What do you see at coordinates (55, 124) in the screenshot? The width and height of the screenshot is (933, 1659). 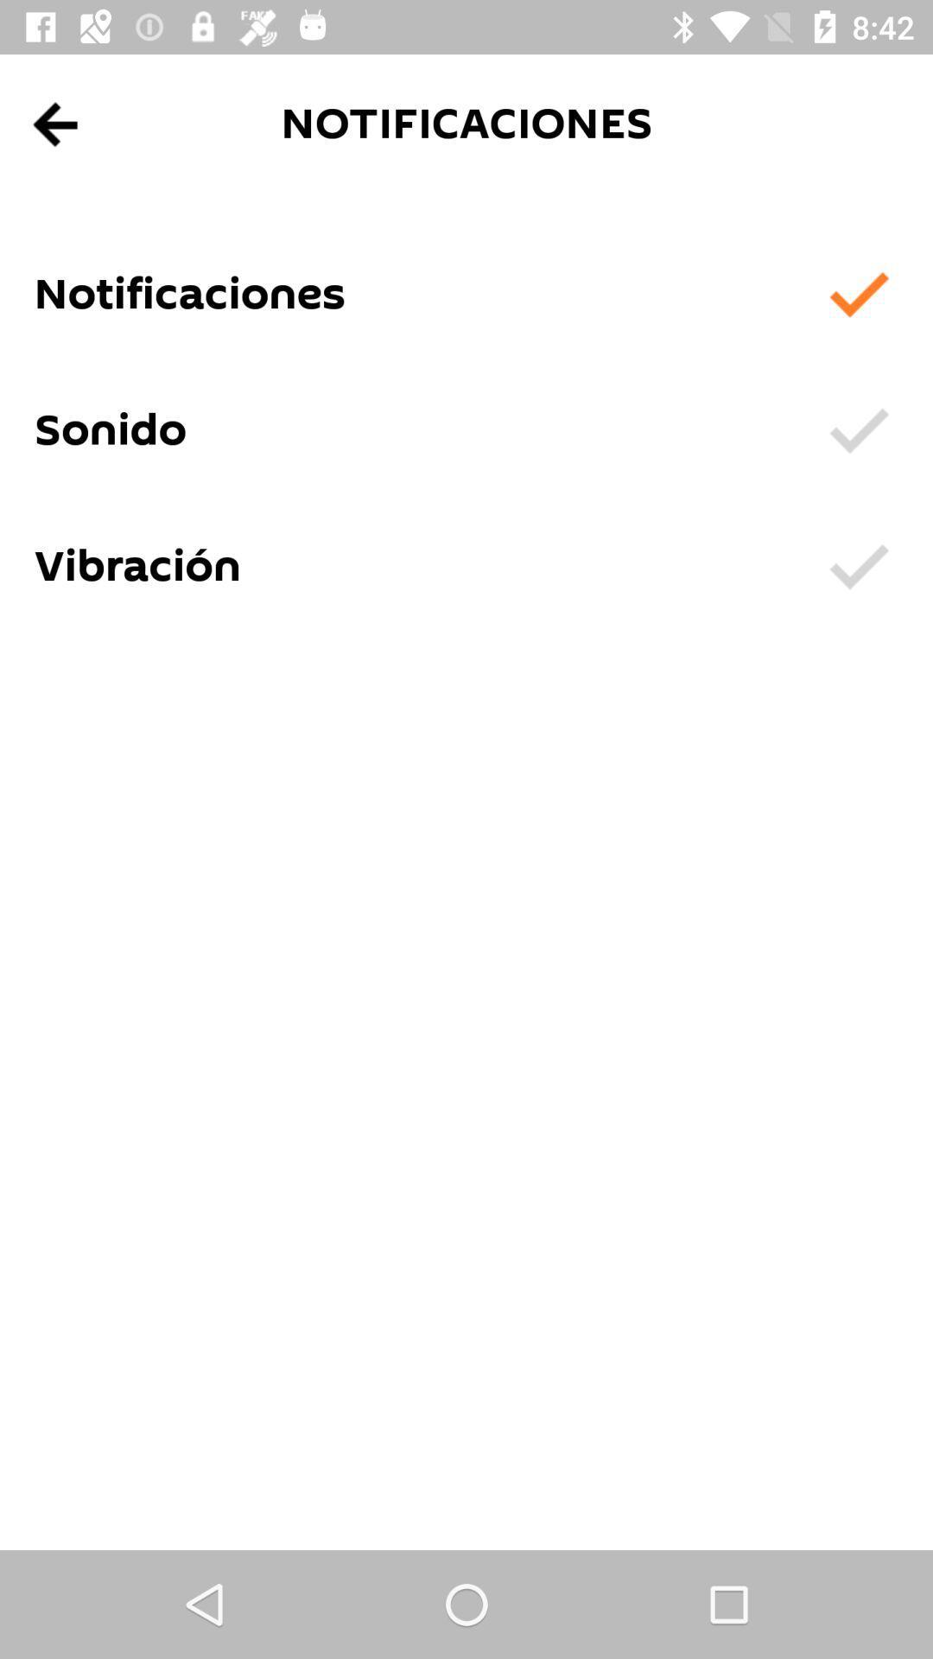 I see `icon at the top left corner` at bounding box center [55, 124].